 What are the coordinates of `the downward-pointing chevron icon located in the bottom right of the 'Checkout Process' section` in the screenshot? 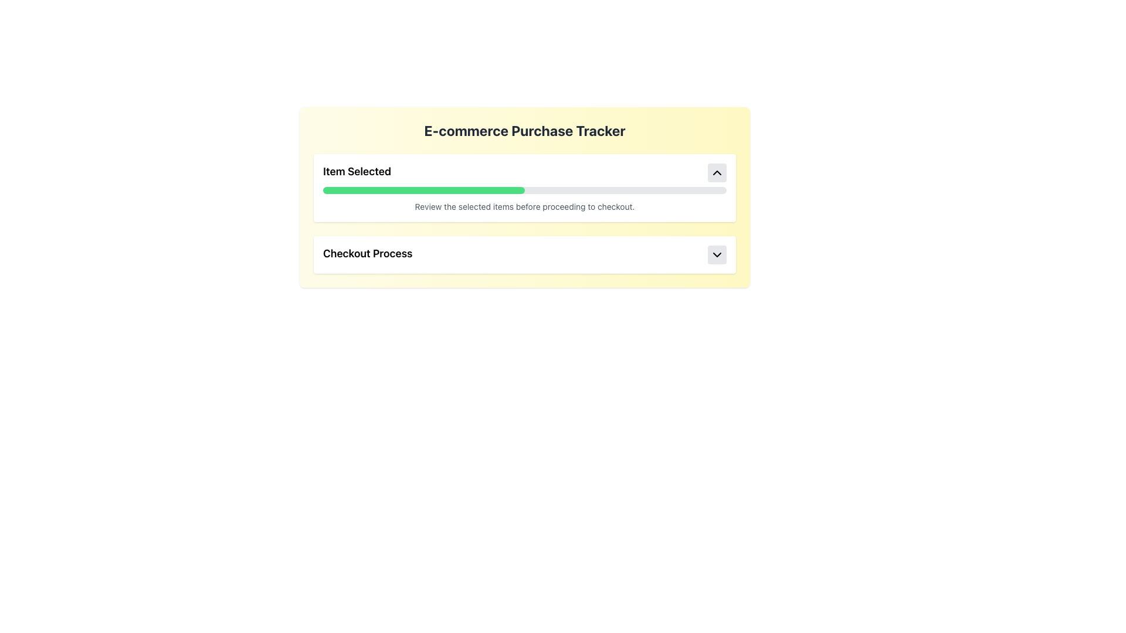 It's located at (717, 254).